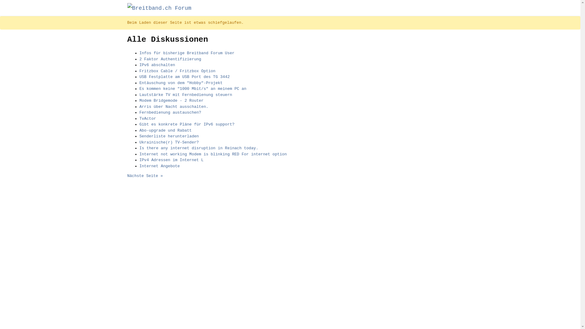 The height and width of the screenshot is (329, 585). Describe the element at coordinates (139, 166) in the screenshot. I see `'Internet Angebote'` at that location.